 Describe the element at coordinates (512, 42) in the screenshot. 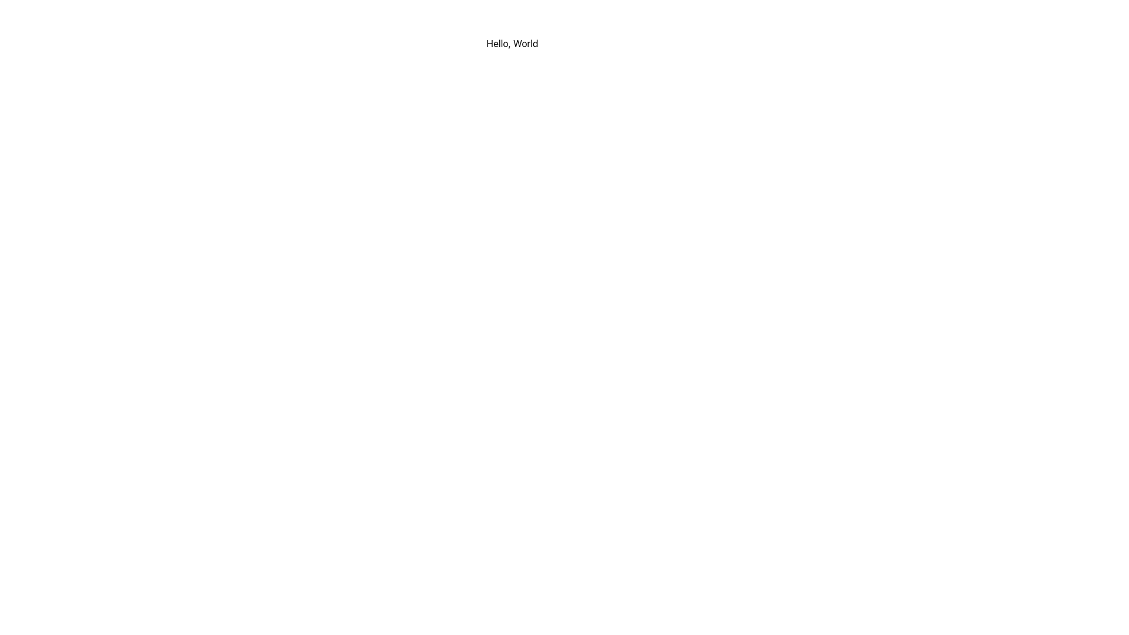

I see `the text label displaying 'Hello, World', which is styled in black color and positioned near the top of the interface` at that location.